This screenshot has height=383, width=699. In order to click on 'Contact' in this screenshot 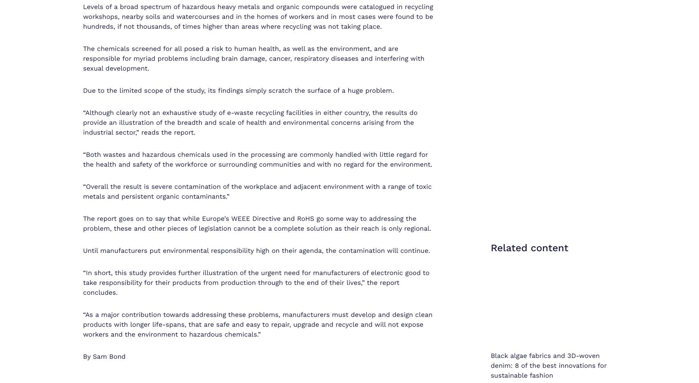, I will do `click(458, 353)`.